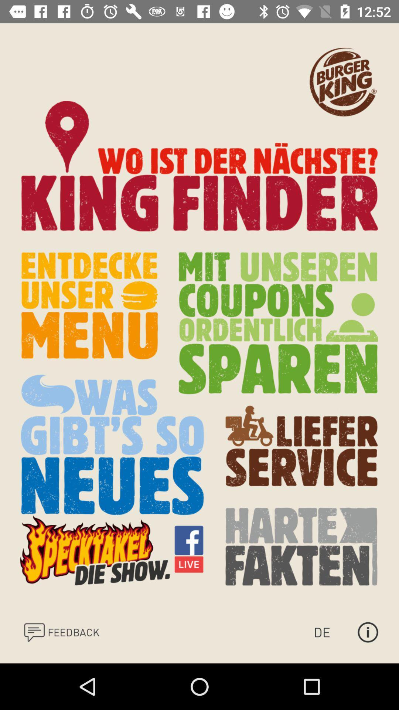 This screenshot has height=710, width=399. What do you see at coordinates (368, 632) in the screenshot?
I see `the info icon` at bounding box center [368, 632].